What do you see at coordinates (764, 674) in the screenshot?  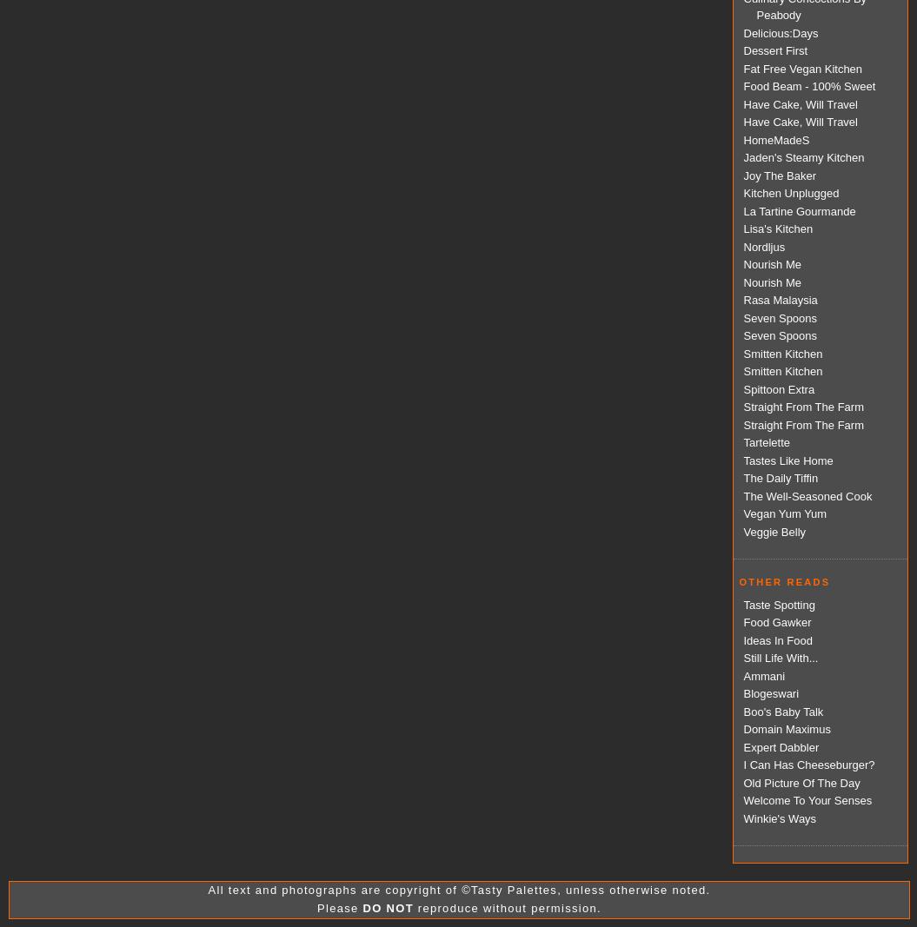 I see `'Ammani'` at bounding box center [764, 674].